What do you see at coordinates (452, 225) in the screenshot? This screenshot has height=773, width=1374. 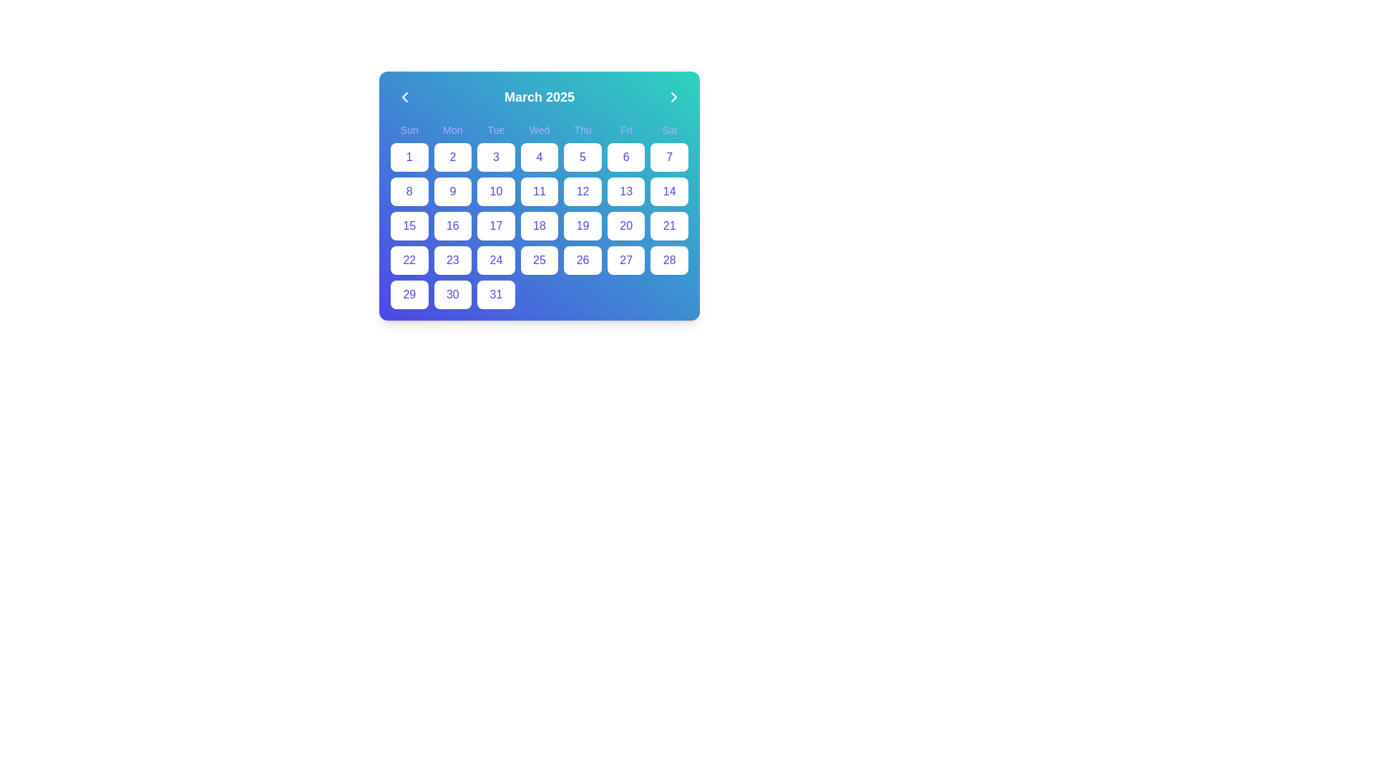 I see `the button displaying the number '16', which is a rounded rectangular button with a white background and blue text, located in the fourth row and second column of the calendar grid` at bounding box center [452, 225].